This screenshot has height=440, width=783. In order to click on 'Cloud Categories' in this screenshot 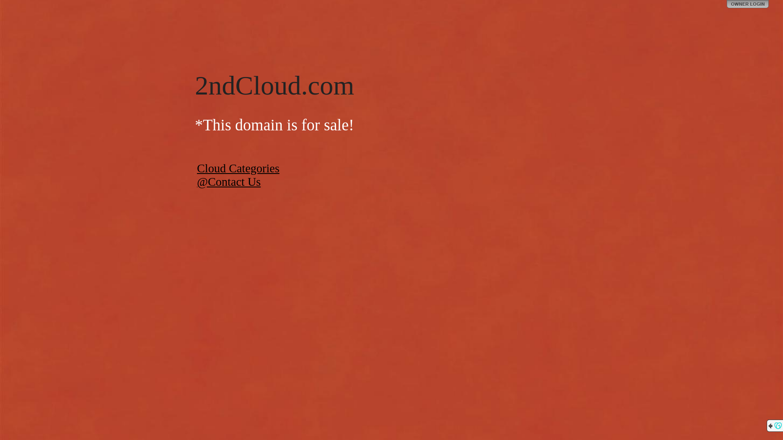, I will do `click(238, 167)`.